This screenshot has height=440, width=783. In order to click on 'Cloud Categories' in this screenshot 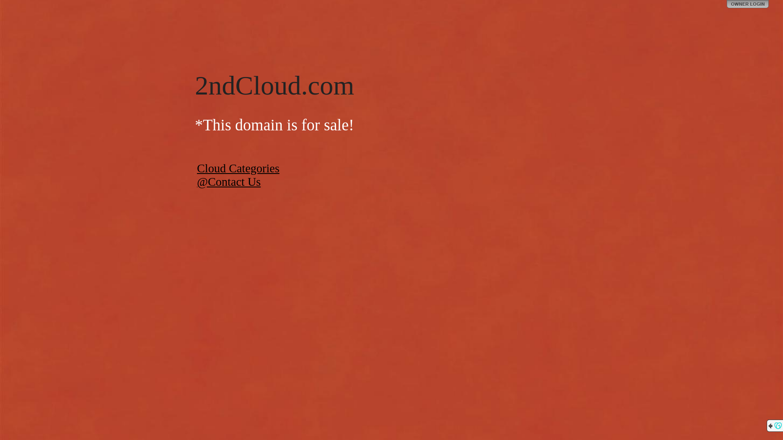, I will do `click(238, 167)`.